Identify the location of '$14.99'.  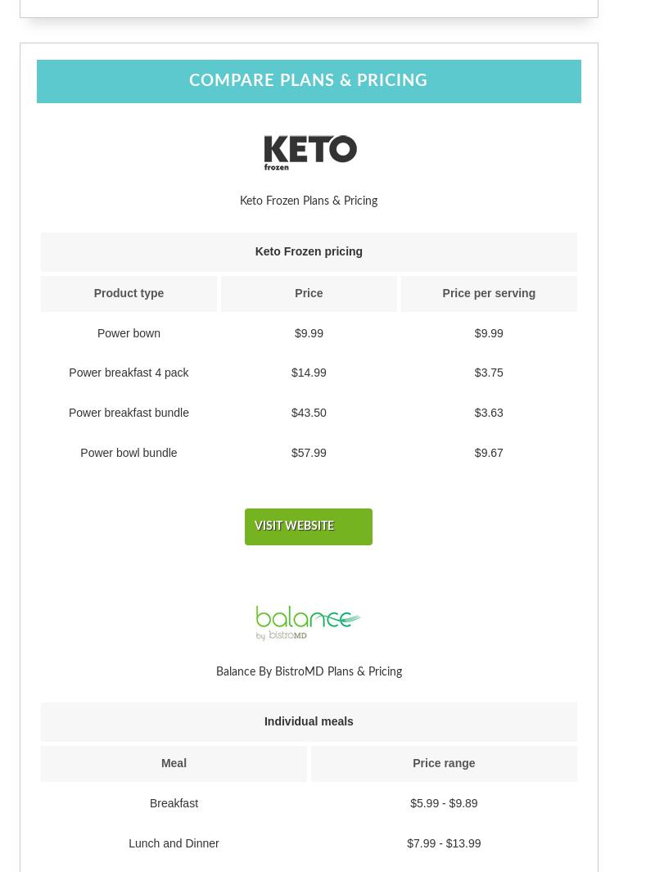
(308, 371).